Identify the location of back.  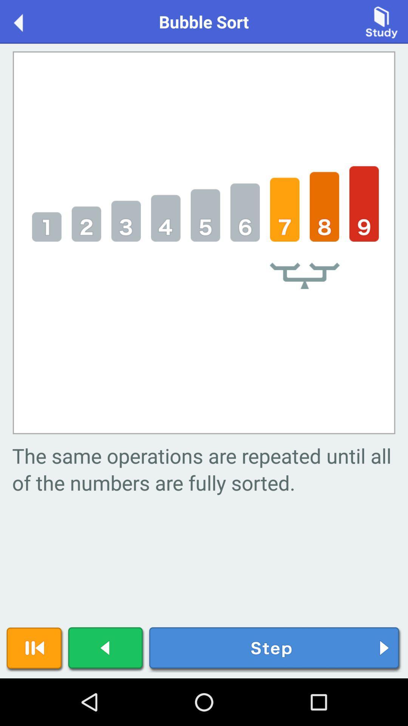
(106, 649).